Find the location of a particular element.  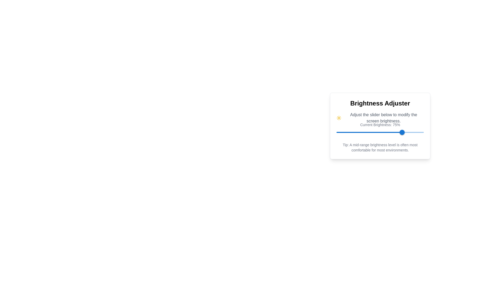

the brightness is located at coordinates (400, 132).